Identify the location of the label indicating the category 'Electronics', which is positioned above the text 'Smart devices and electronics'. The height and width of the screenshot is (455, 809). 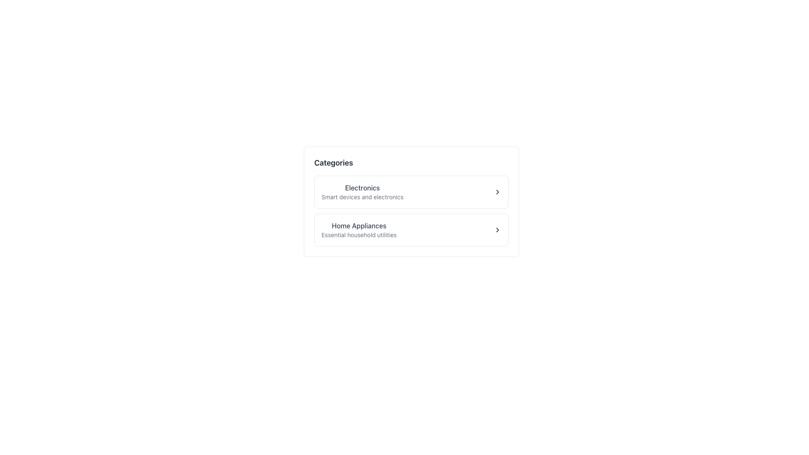
(362, 187).